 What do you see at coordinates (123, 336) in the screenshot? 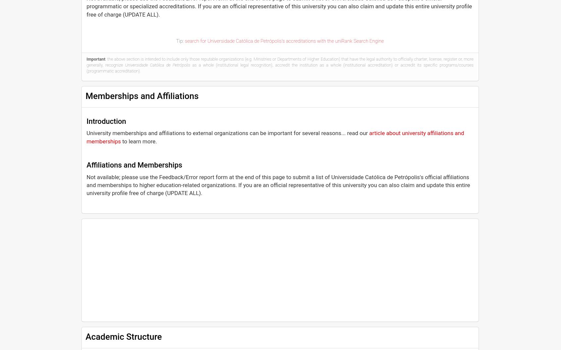
I see `'Academic Structure'` at bounding box center [123, 336].